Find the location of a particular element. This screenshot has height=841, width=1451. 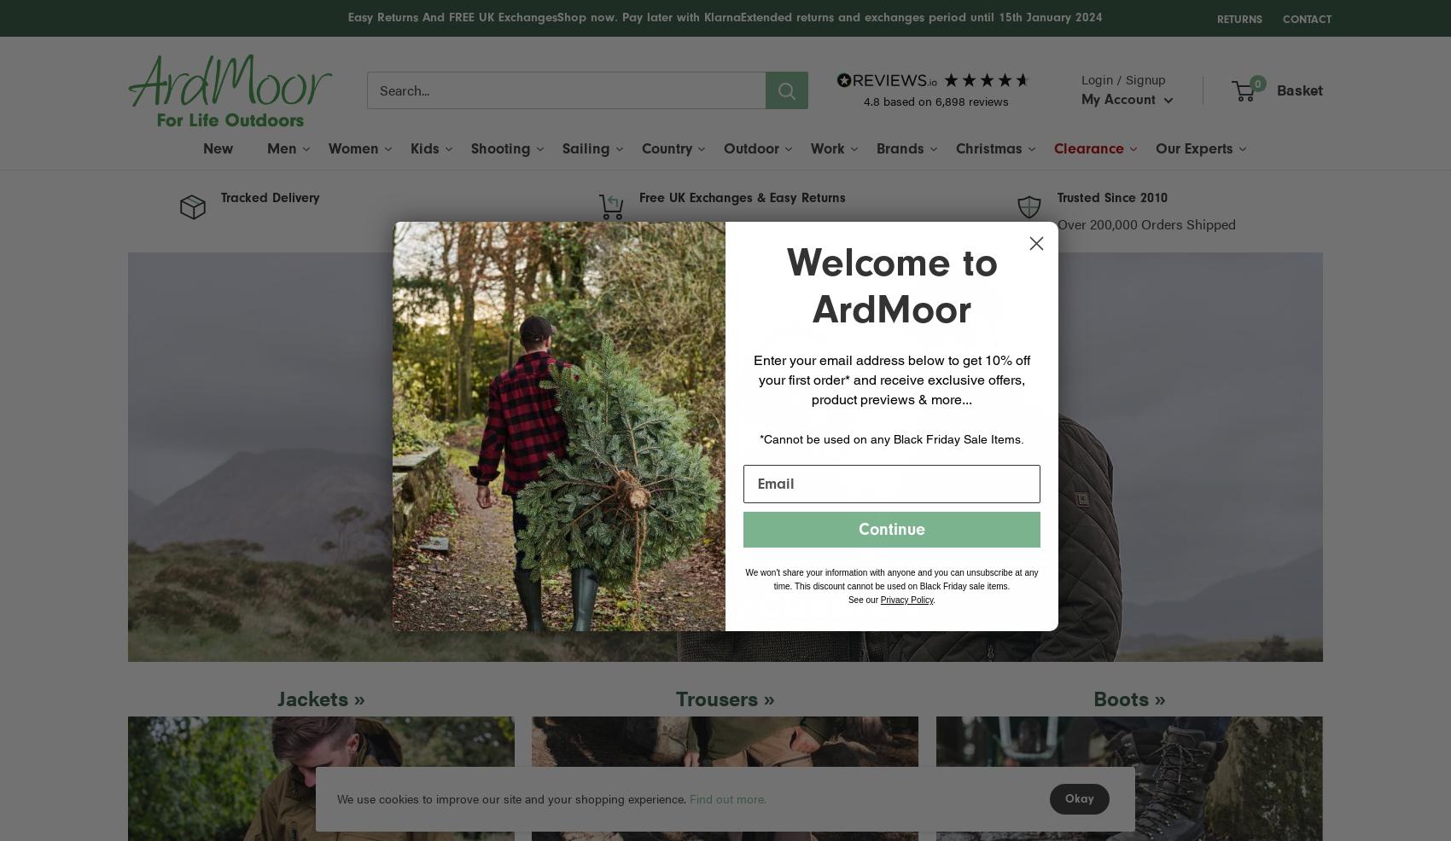

'Free UK Exchanges & Easy Returns' is located at coordinates (743, 197).